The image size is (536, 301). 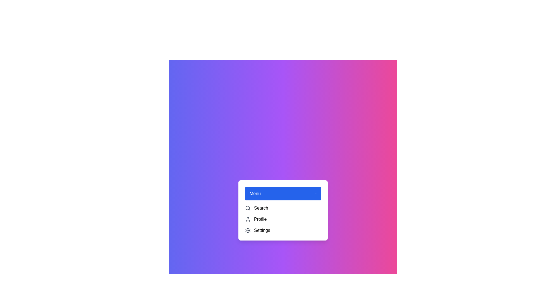 What do you see at coordinates (283, 219) in the screenshot?
I see `the 'Profile' option in the dropdown menu` at bounding box center [283, 219].